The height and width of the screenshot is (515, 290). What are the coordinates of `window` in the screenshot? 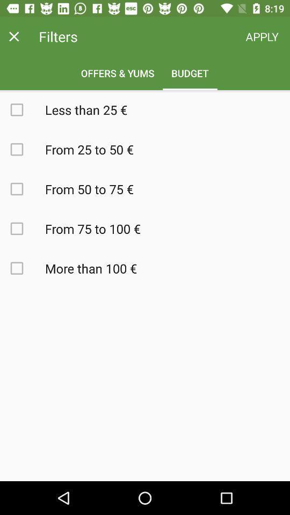 It's located at (13, 36).